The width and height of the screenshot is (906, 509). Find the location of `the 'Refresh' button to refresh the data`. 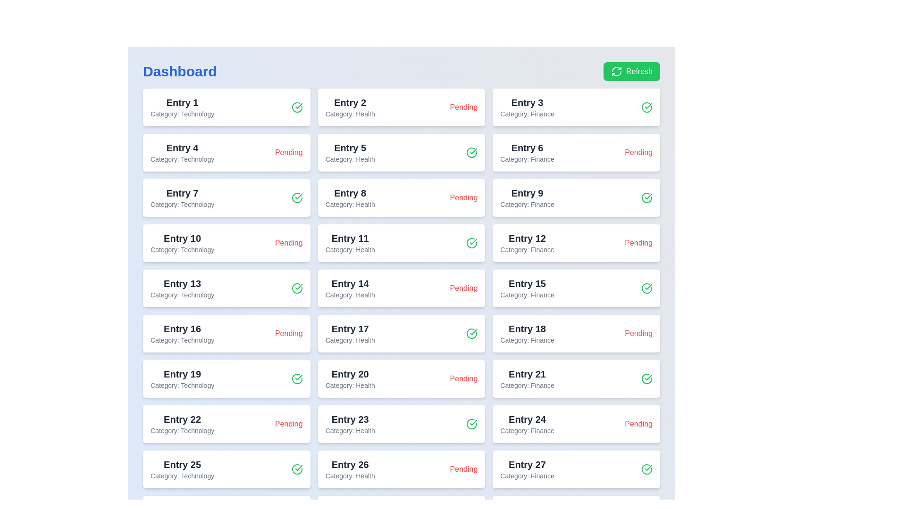

the 'Refresh' button to refresh the data is located at coordinates (632, 71).